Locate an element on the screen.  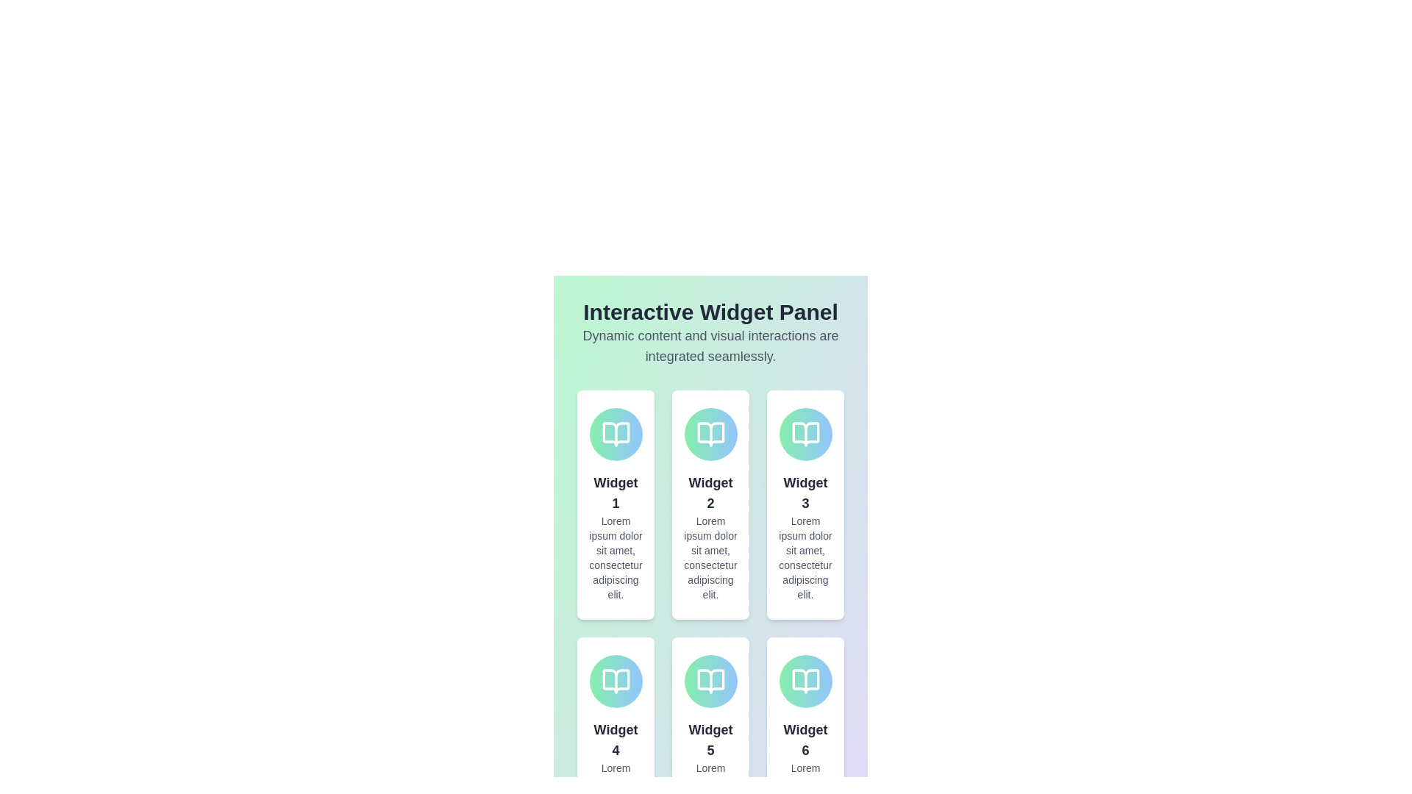
the circular graphic component with a gradient background and a white book icon in the center, located in the upper part of the 'Widget 1' card is located at coordinates (616, 433).